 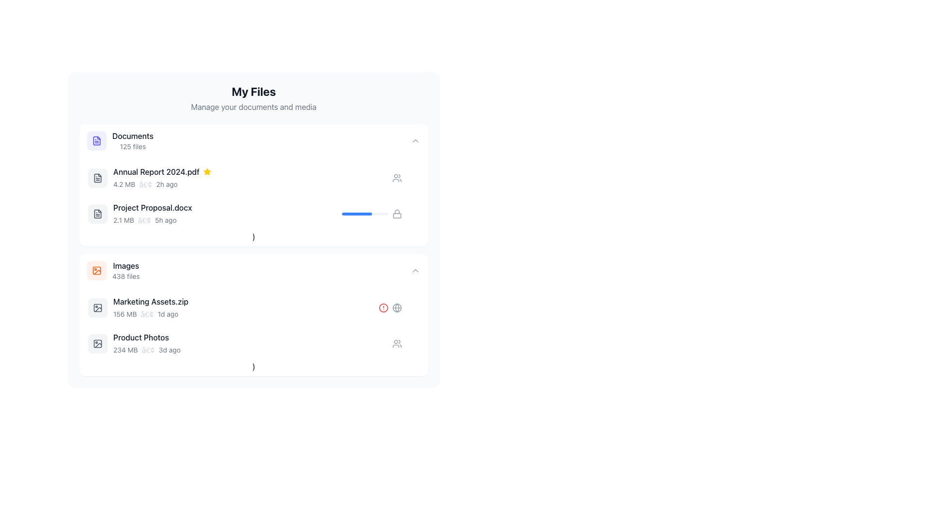 I want to click on the text document icon representing 'Project Proposal.docx' located in the 'Documents' section, so click(x=97, y=214).